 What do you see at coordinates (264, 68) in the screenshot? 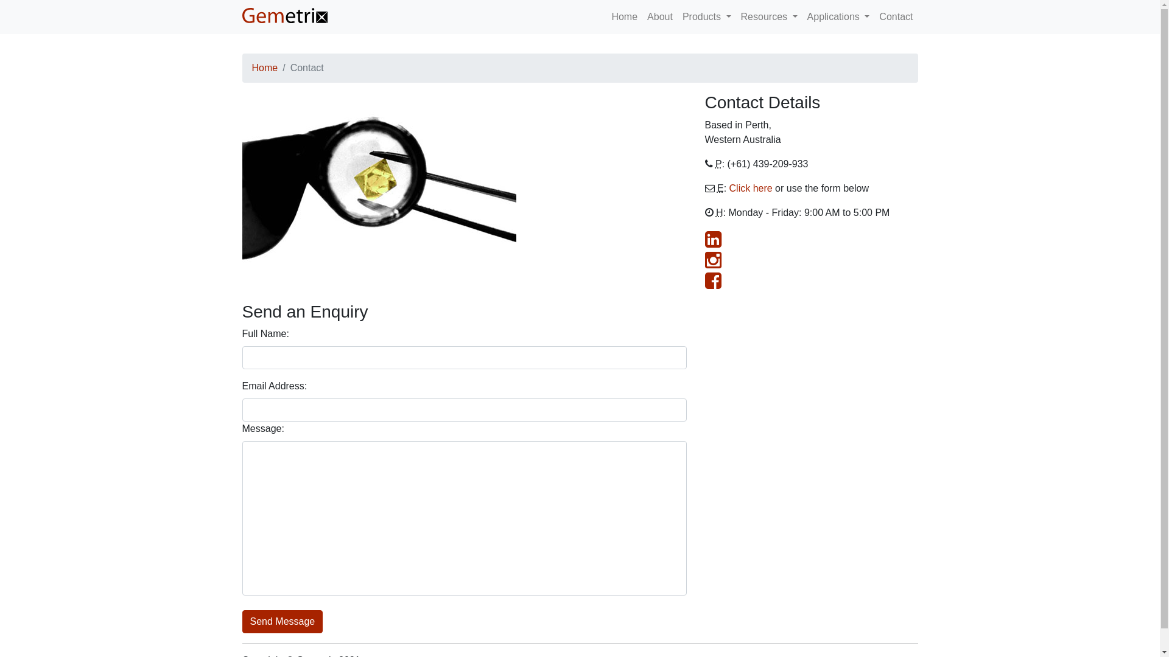
I see `'Home'` at bounding box center [264, 68].